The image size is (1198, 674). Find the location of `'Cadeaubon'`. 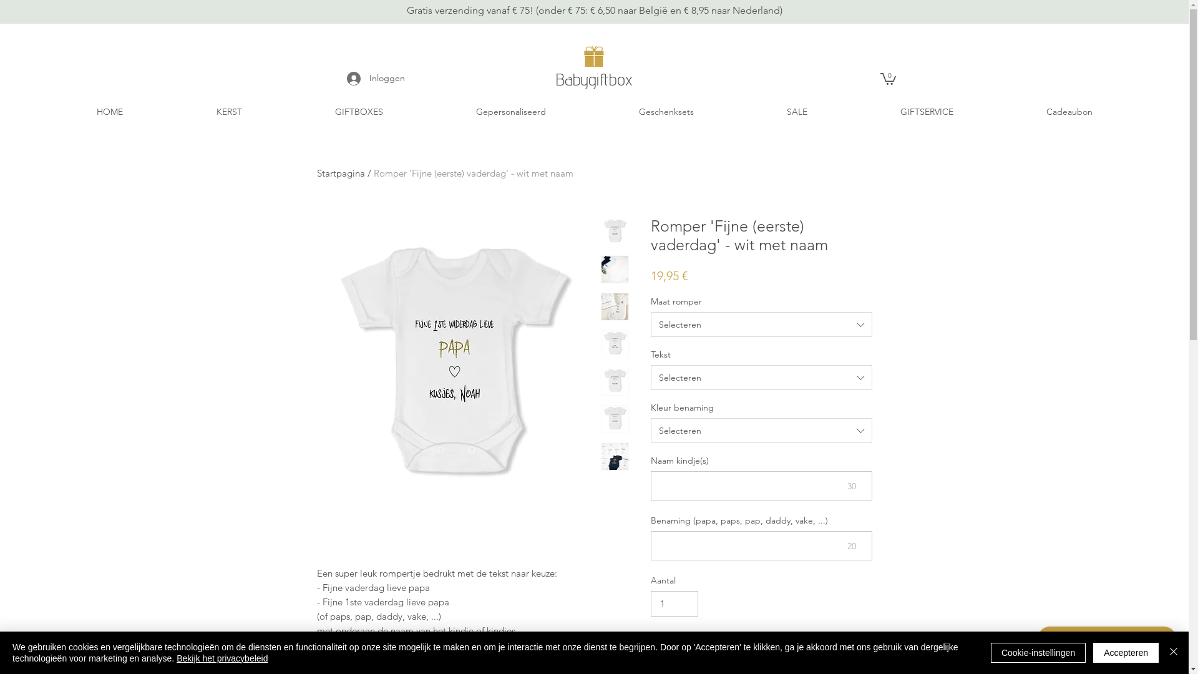

'Cadeaubon' is located at coordinates (1068, 111).